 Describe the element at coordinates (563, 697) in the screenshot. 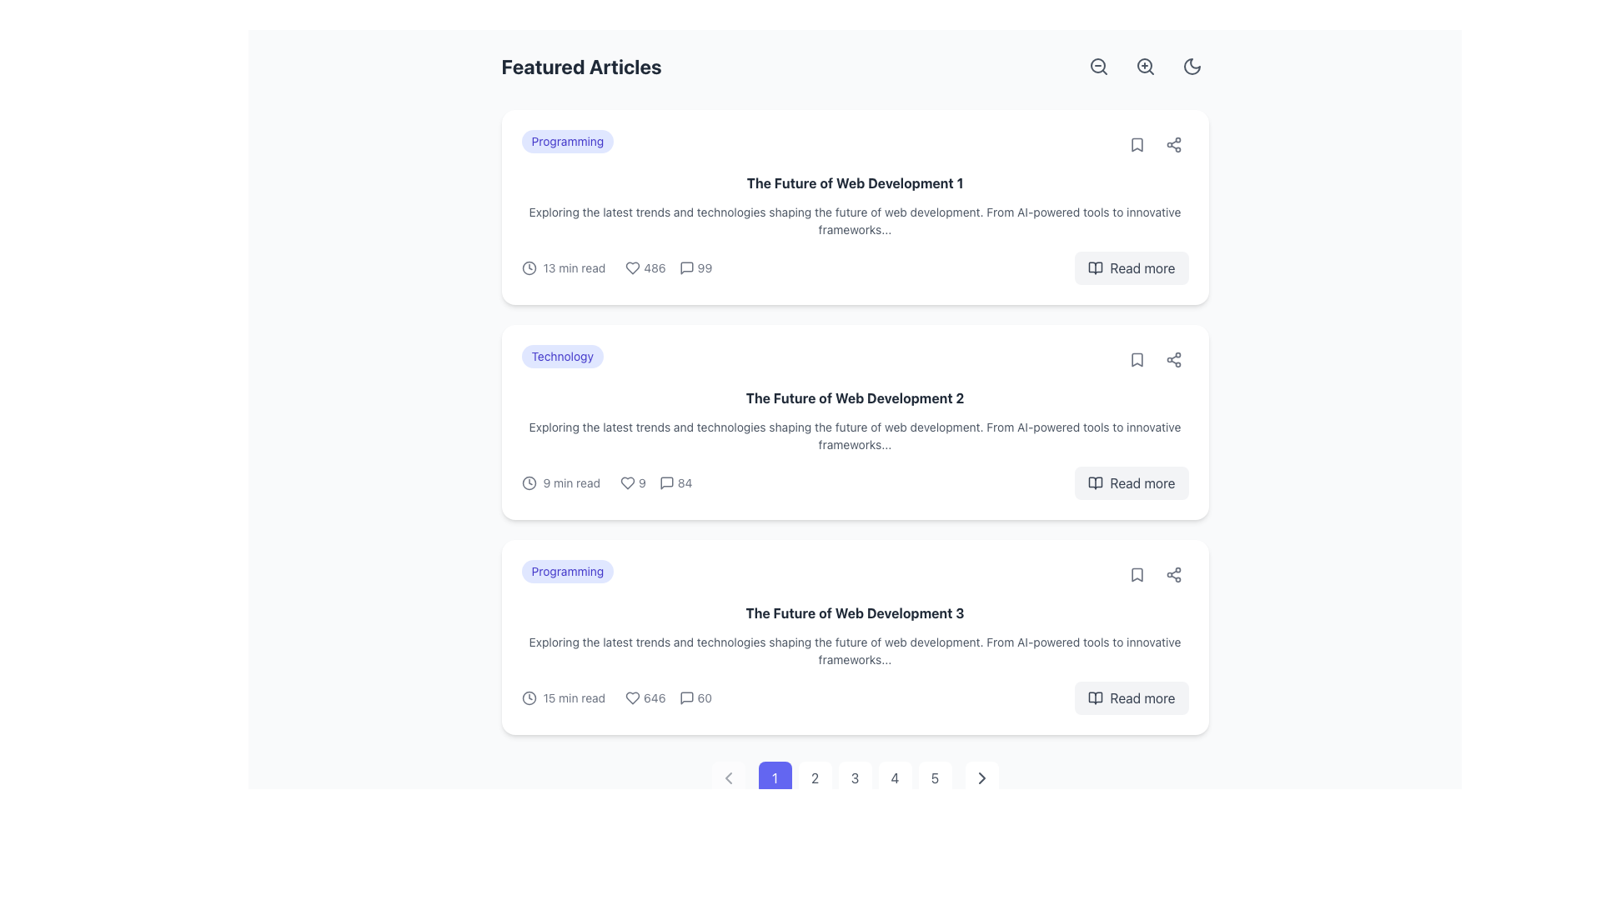

I see `text of the icon-text label that shows '15 min read' located at the bottom section of the third article in the 'Featured Articles' section` at that location.